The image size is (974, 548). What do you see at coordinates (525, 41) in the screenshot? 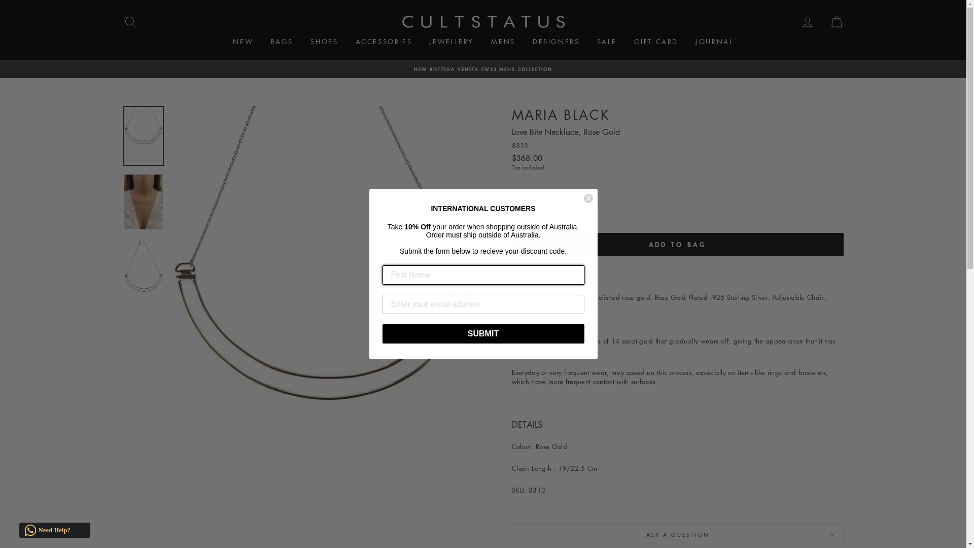
I see `'DESIGNERS'` at bounding box center [525, 41].